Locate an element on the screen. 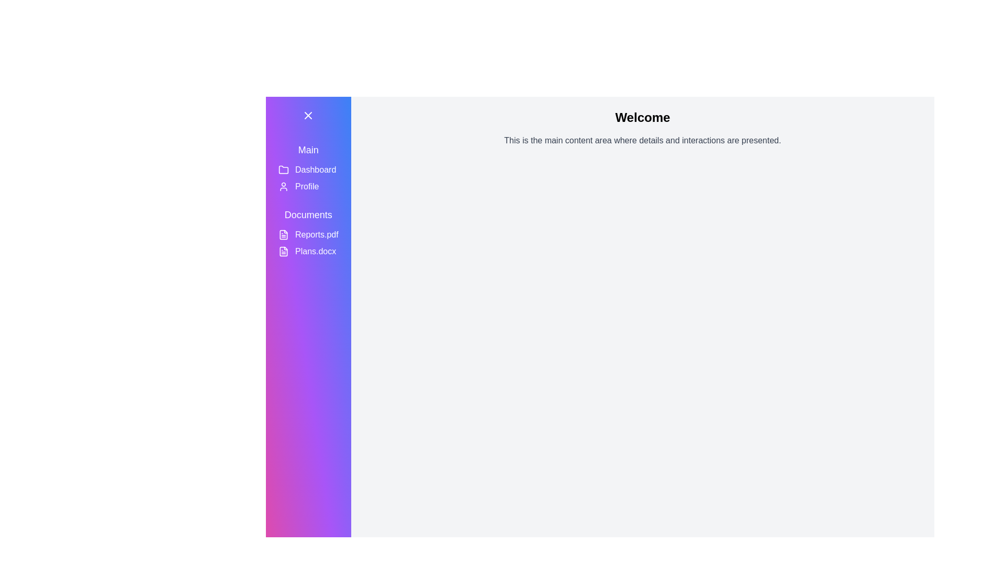 This screenshot has height=565, width=1005. the 'Reports.pdf' text label in the Documents section of the sidebar menu is located at coordinates (316, 234).